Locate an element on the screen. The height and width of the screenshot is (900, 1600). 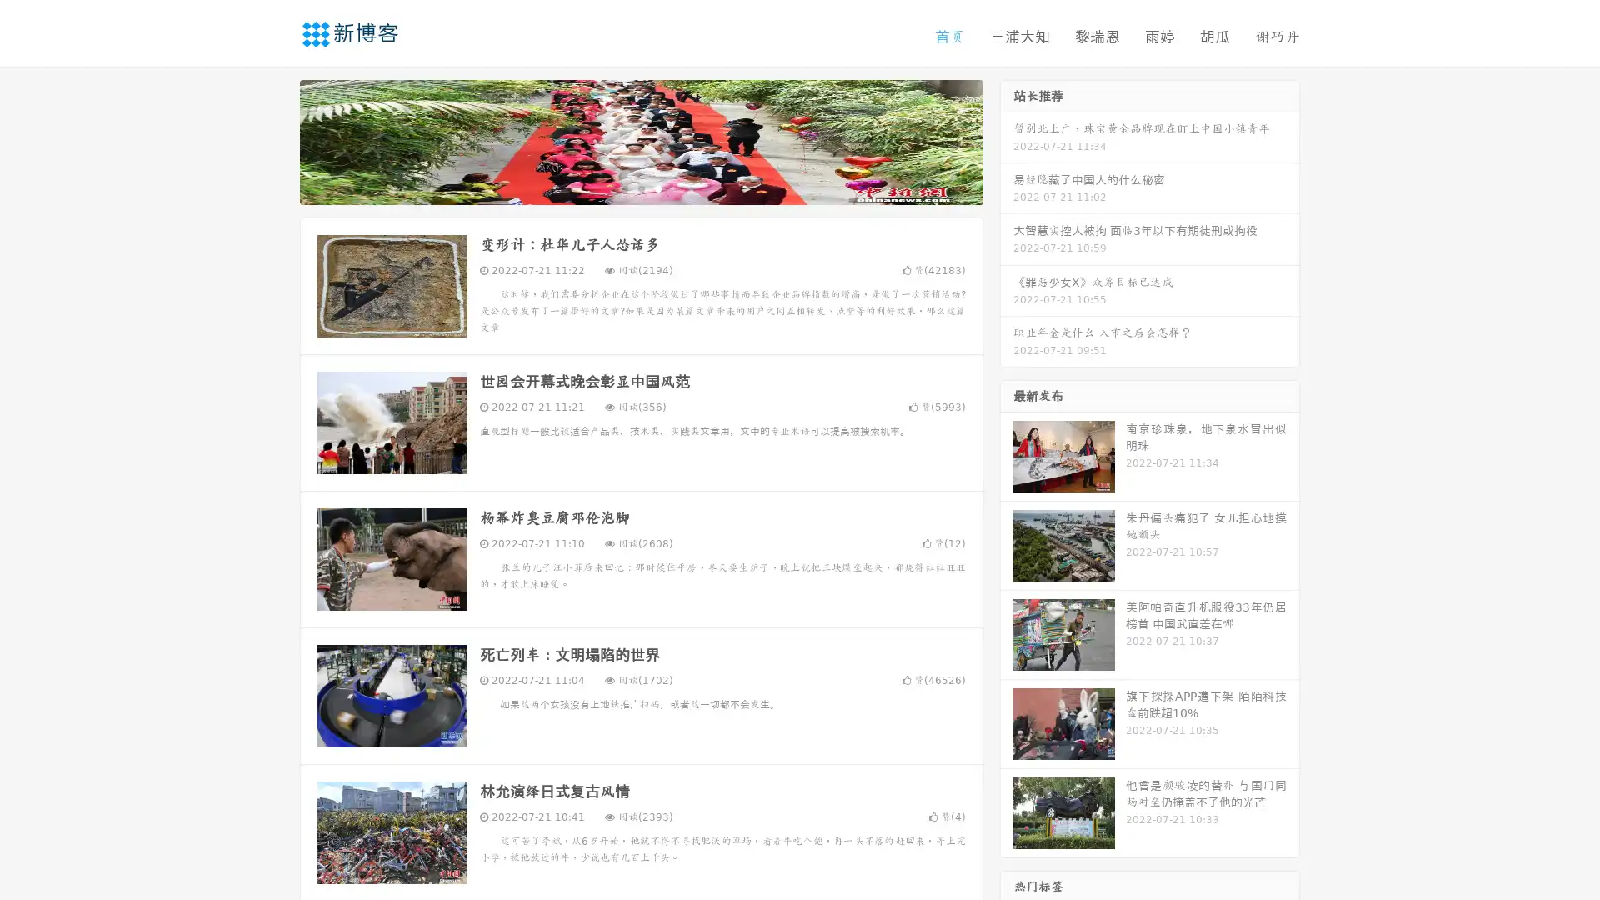
Go to slide 2 is located at coordinates (640, 187).